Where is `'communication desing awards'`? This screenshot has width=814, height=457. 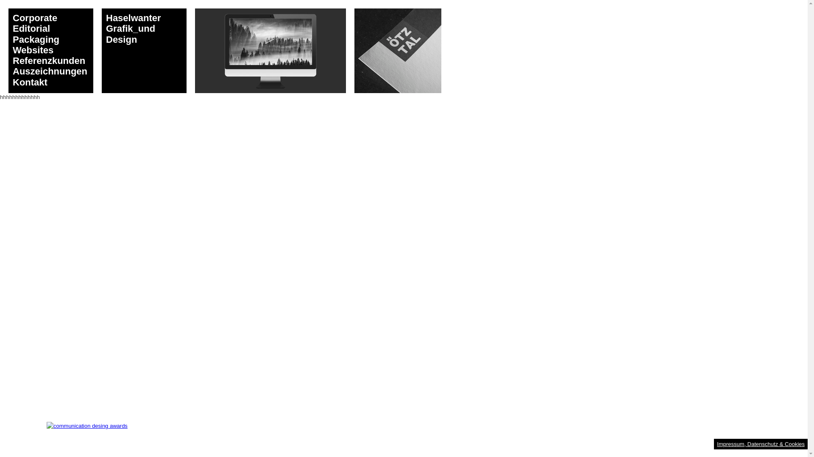
'communication desing awards' is located at coordinates (87, 426).